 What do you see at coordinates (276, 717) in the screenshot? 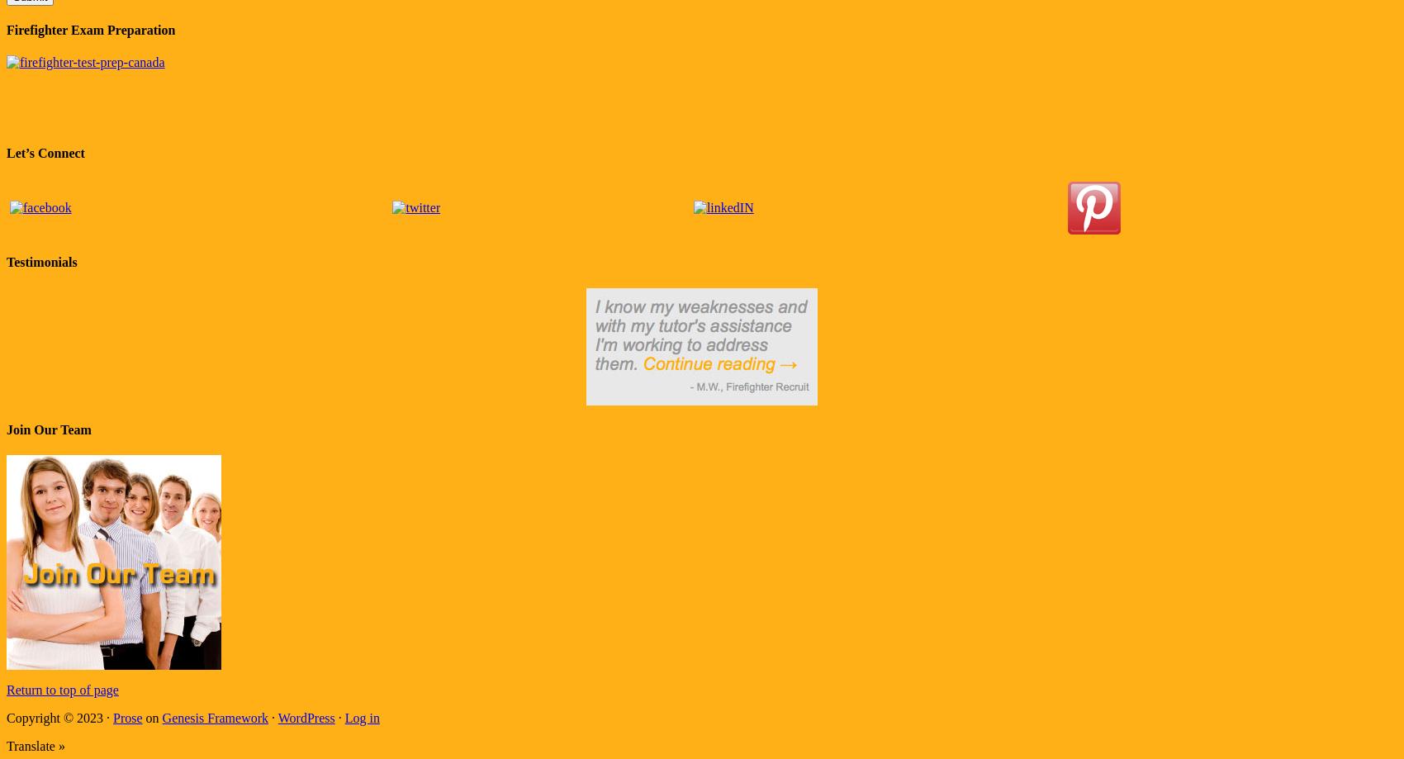
I see `'WordPress'` at bounding box center [276, 717].